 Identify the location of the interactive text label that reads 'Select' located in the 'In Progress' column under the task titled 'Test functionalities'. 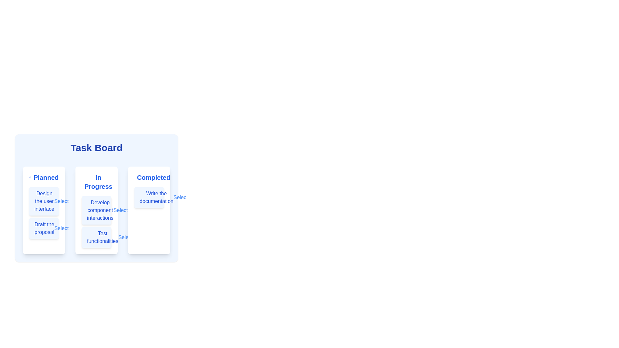
(125, 237).